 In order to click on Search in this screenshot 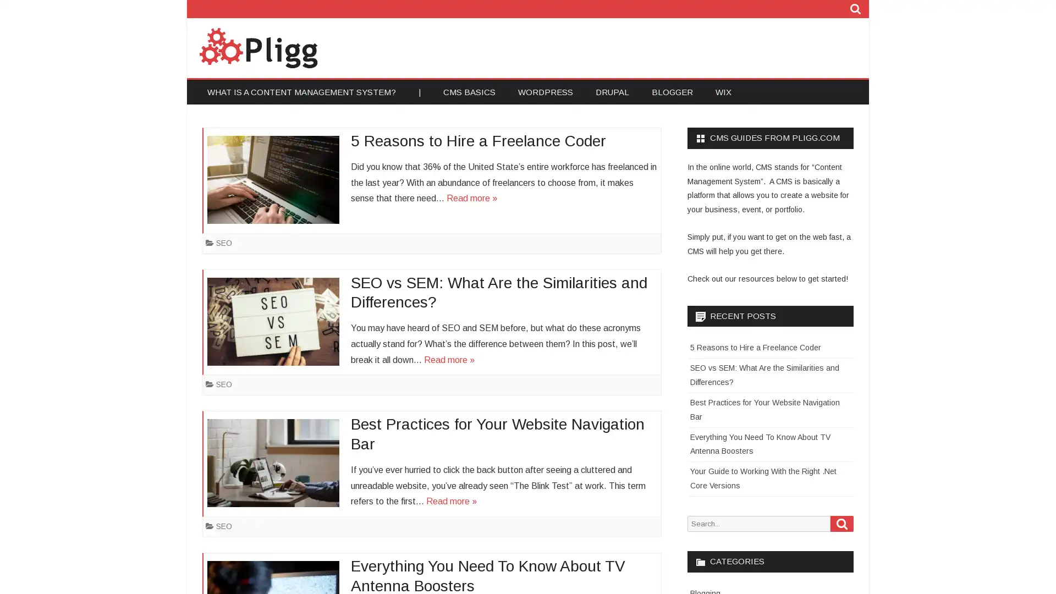, I will do `click(842, 522)`.